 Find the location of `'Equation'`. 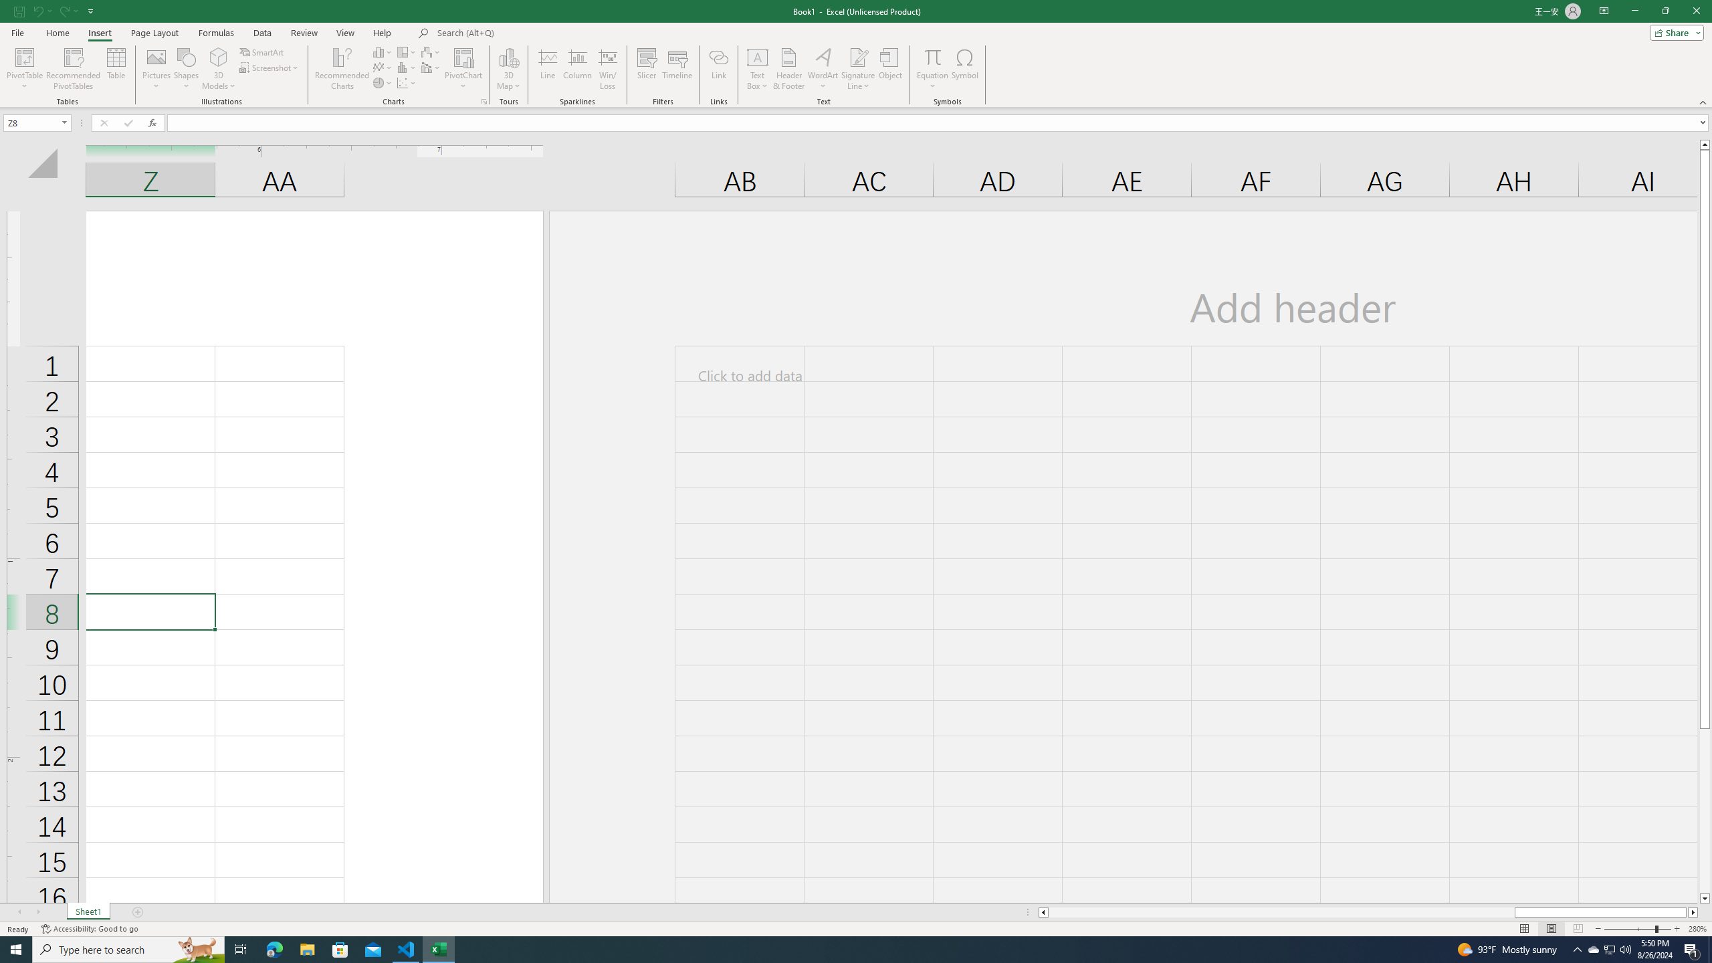

'Equation' is located at coordinates (932, 56).